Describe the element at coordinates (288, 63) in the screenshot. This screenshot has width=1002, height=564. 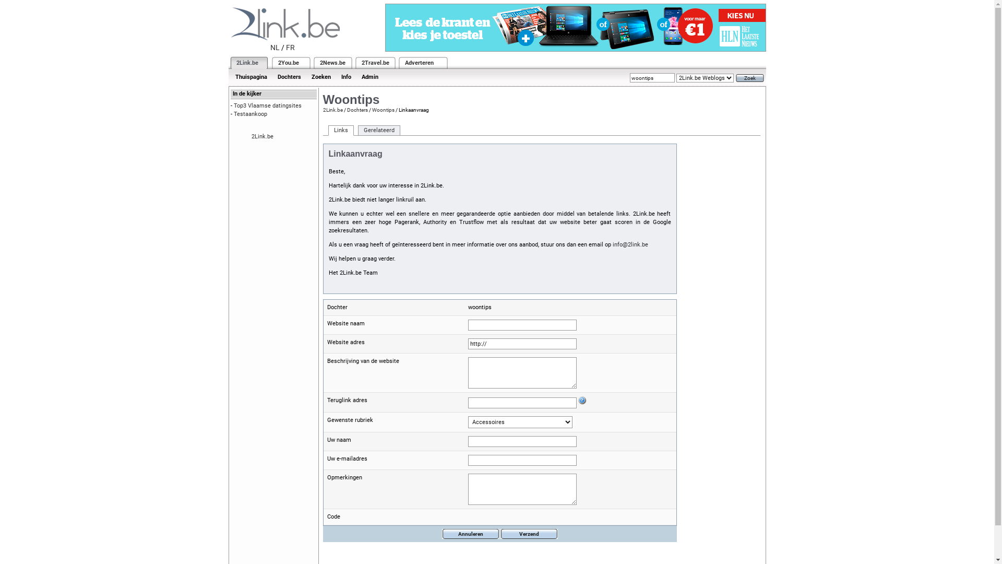
I see `'2You.be'` at that location.